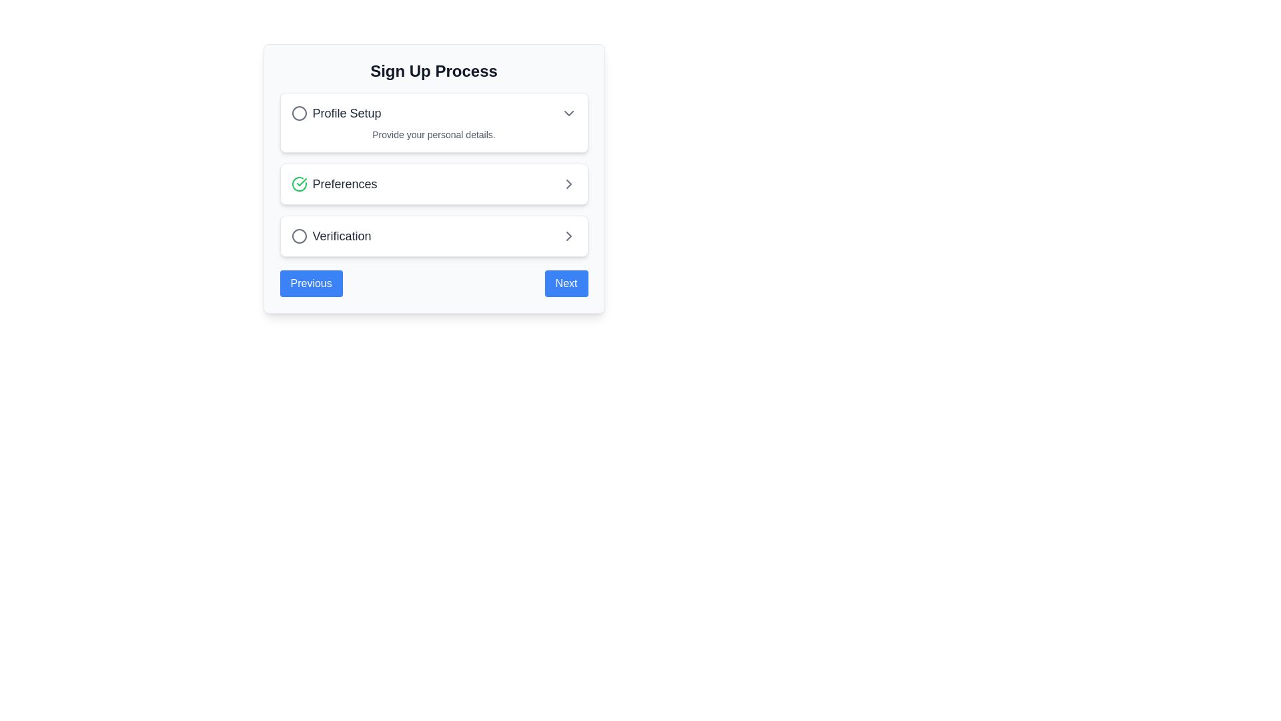 The width and height of the screenshot is (1281, 721). Describe the element at coordinates (346, 112) in the screenshot. I see `the static text label indicating 'Profile Setup', located beneath the 'Sign Up Process' heading in the vertical list` at that location.